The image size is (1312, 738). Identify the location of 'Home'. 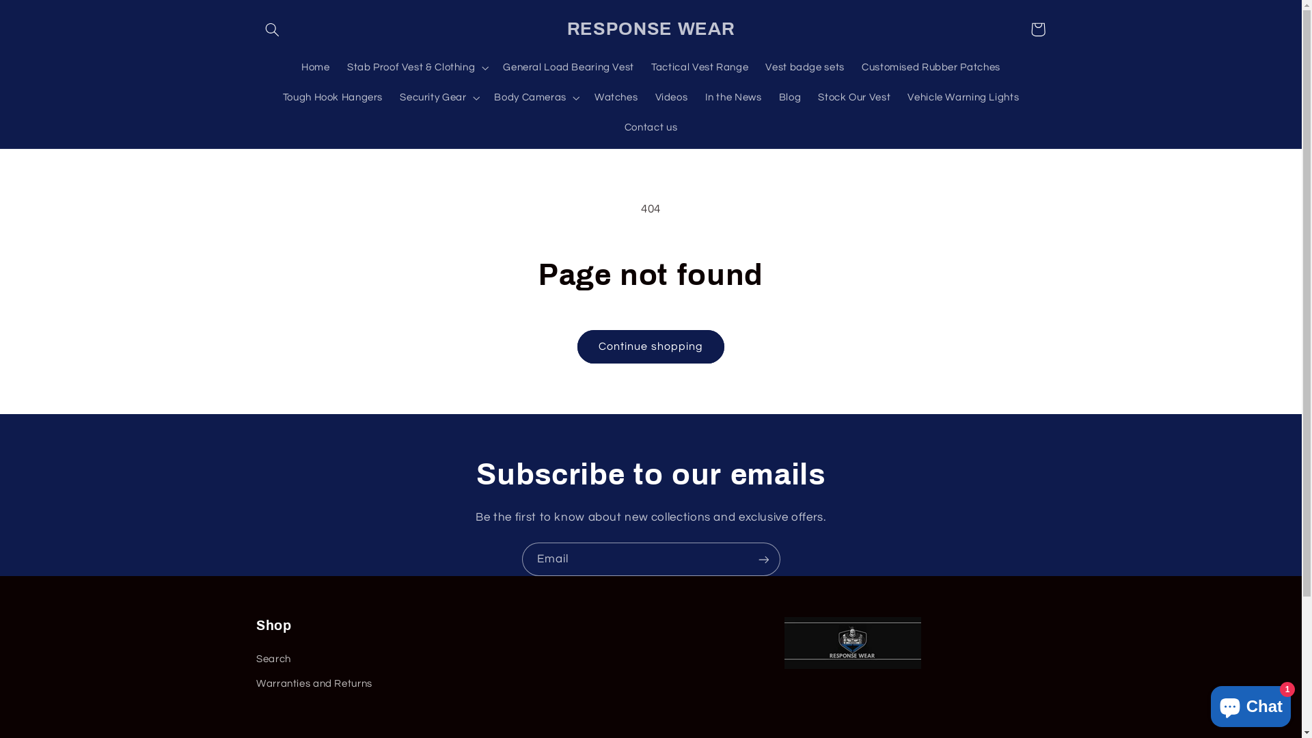
(315, 68).